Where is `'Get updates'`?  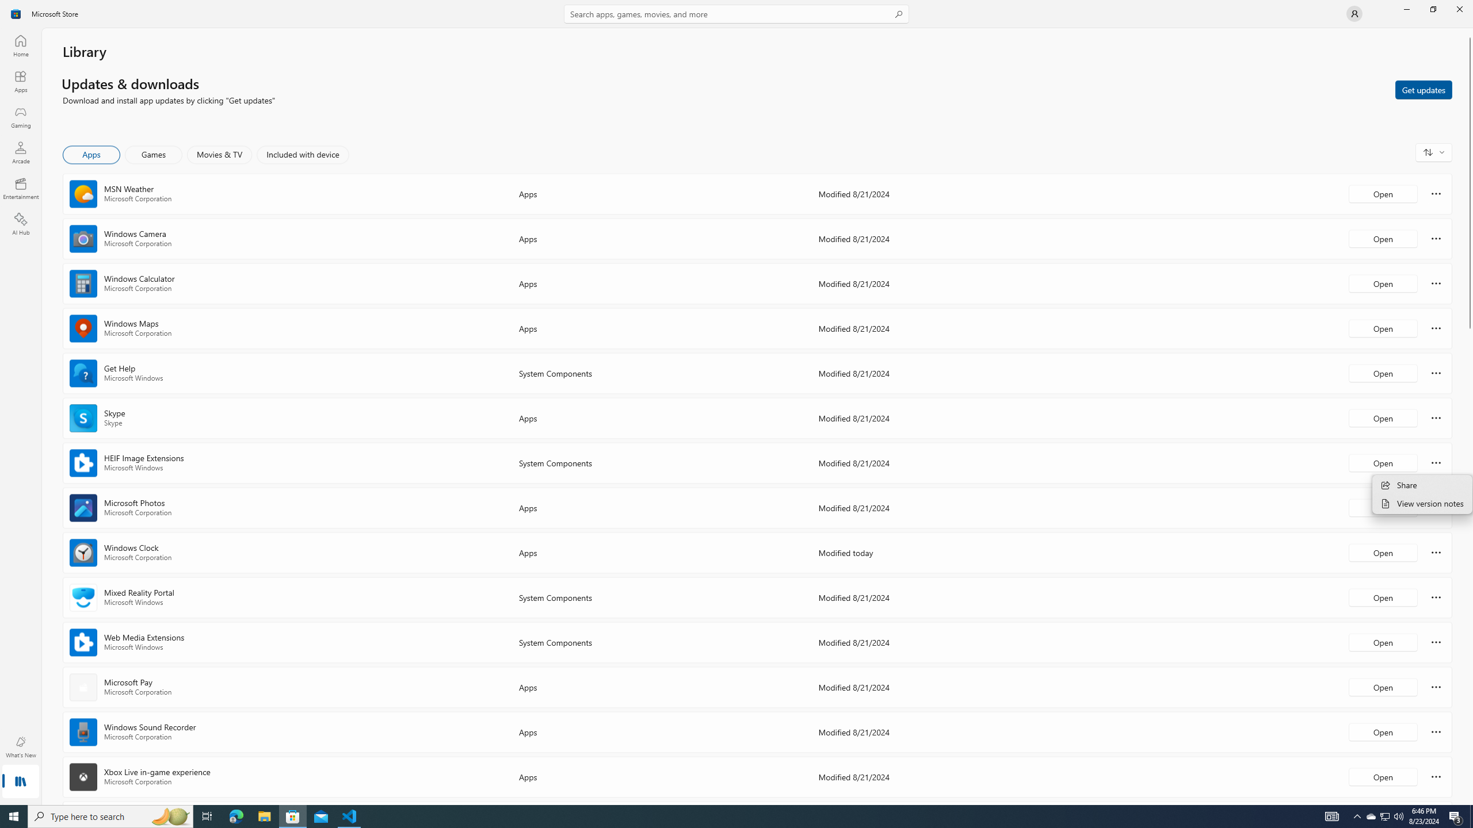
'Get updates' is located at coordinates (1424, 89).